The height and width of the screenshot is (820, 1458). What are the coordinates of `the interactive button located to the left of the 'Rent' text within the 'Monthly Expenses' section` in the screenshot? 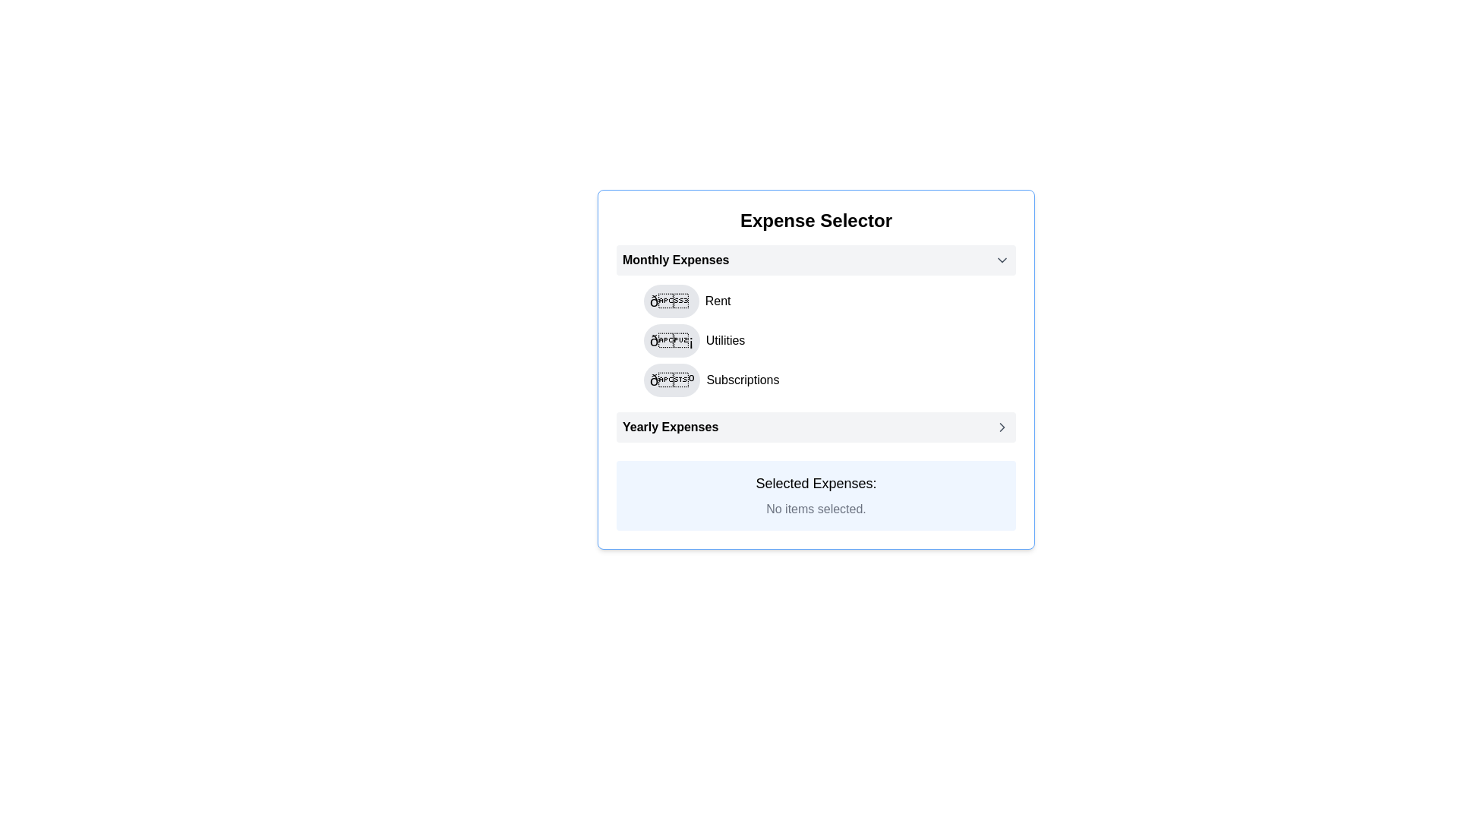 It's located at (670, 301).